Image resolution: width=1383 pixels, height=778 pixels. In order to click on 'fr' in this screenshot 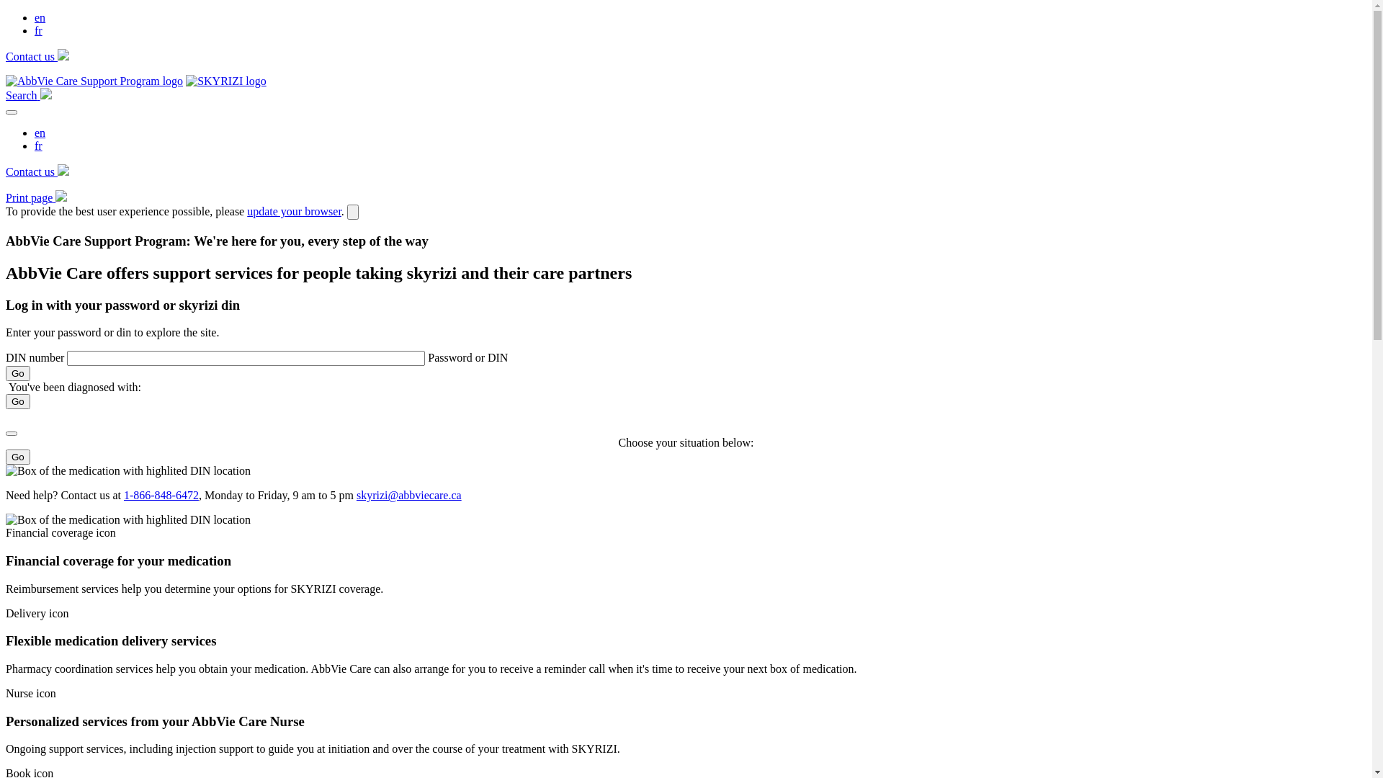, I will do `click(38, 146)`.